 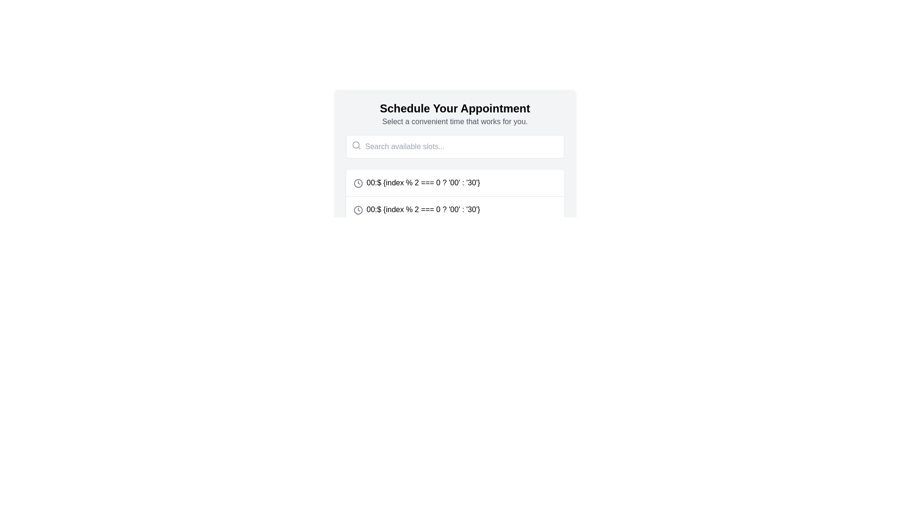 I want to click on the time slot text in the first list item under the 'Schedule Your Appointment' heading, which features a clock icon, so click(x=416, y=183).